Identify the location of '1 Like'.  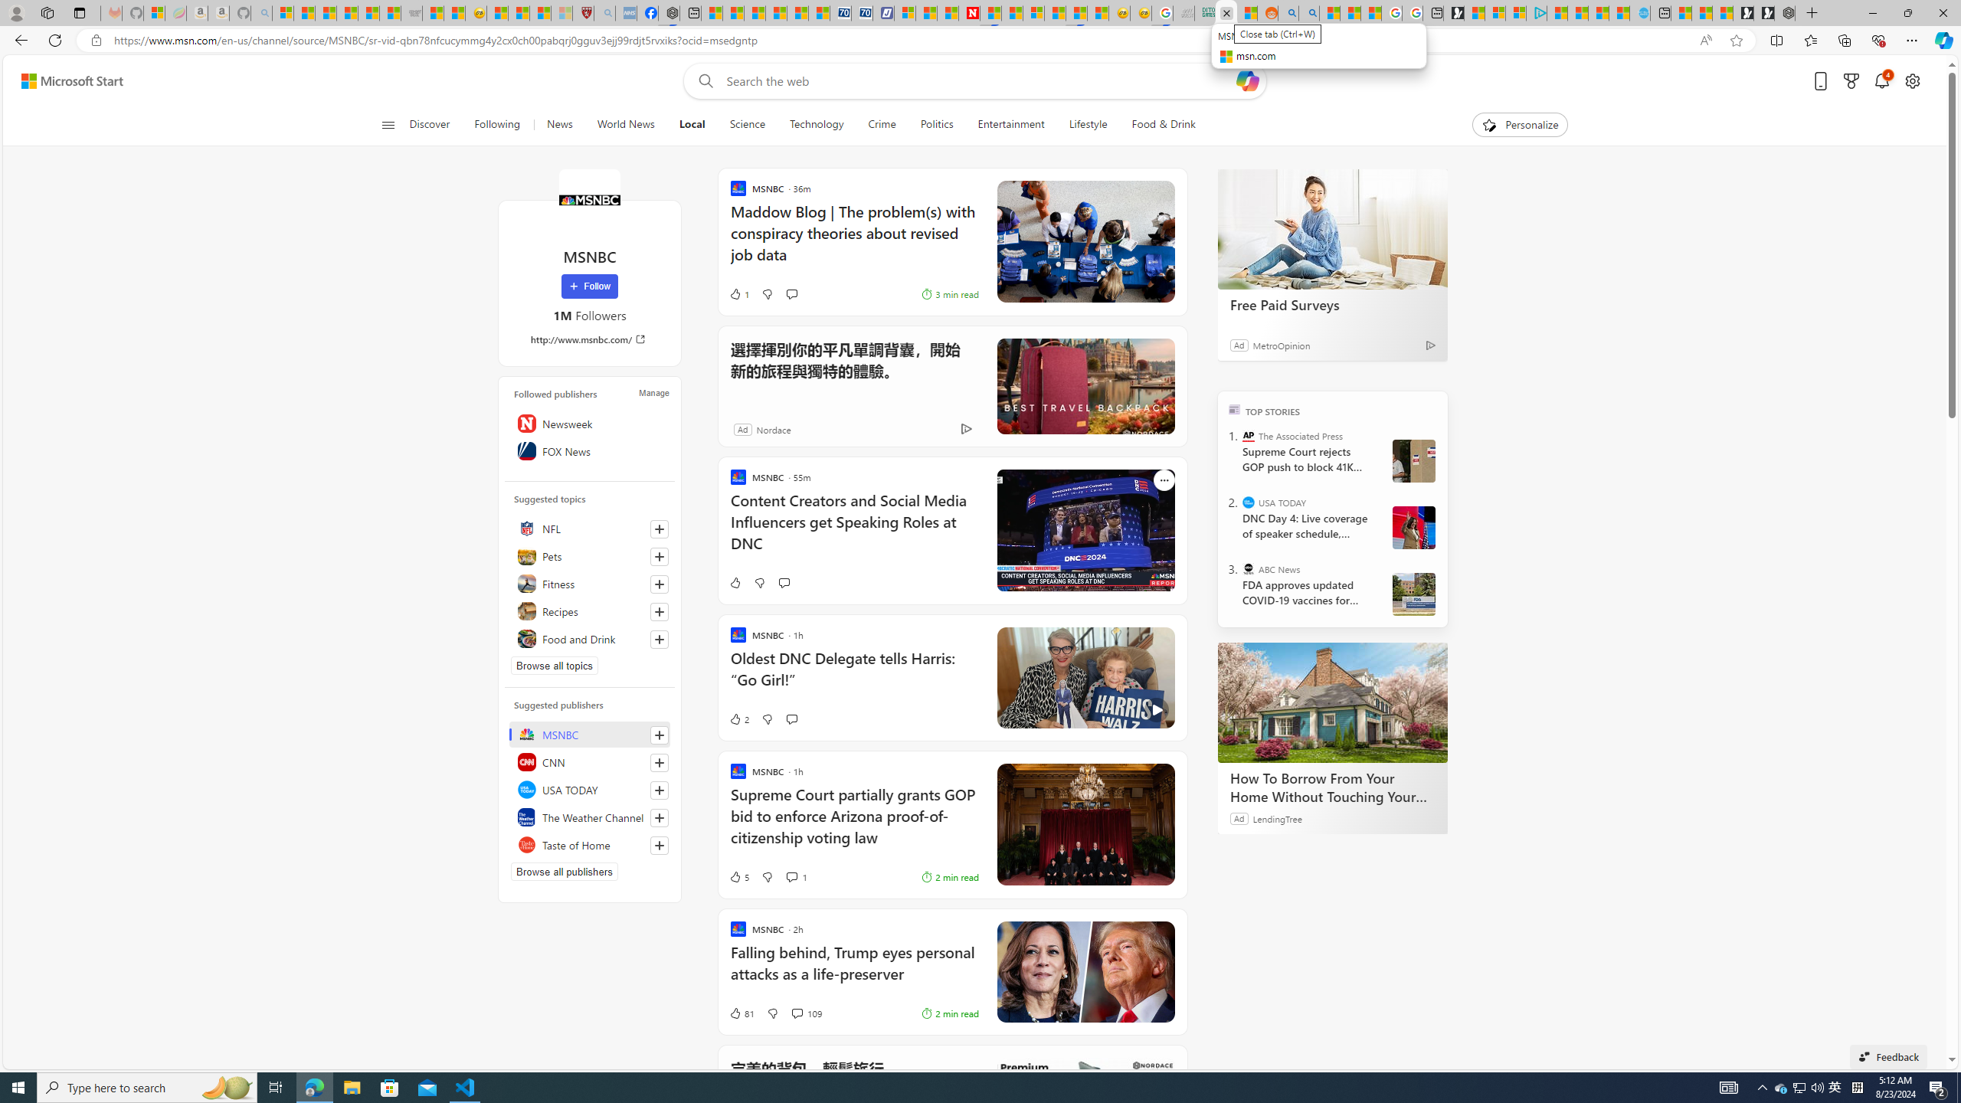
(737, 293).